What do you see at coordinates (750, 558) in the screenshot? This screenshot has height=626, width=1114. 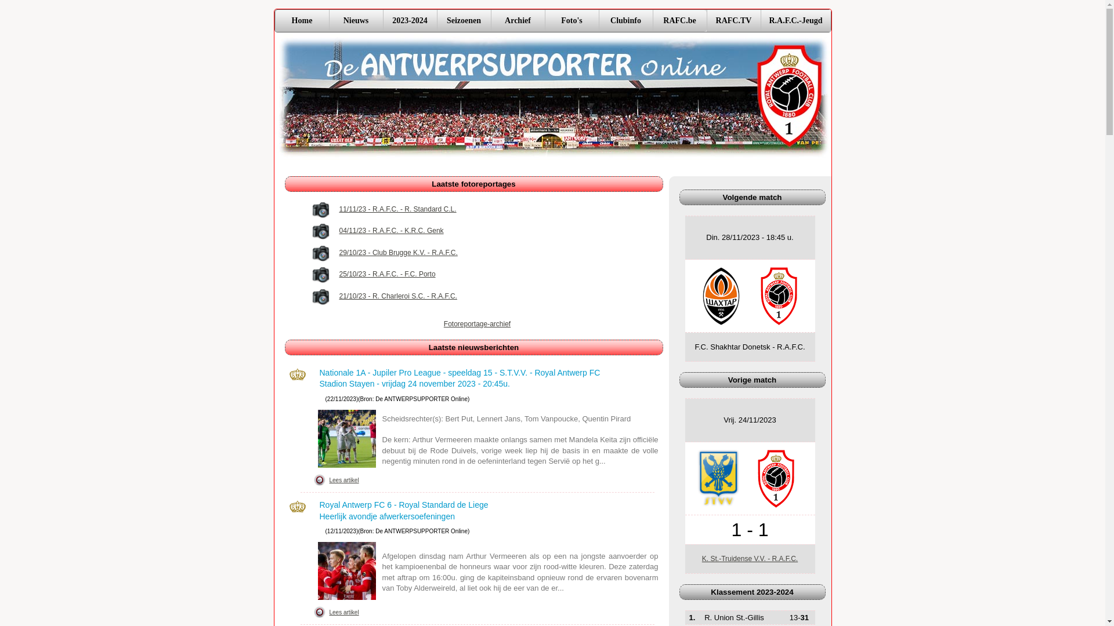 I see `'K. St.-Truidense V.V. - R.A.F.C.'` at bounding box center [750, 558].